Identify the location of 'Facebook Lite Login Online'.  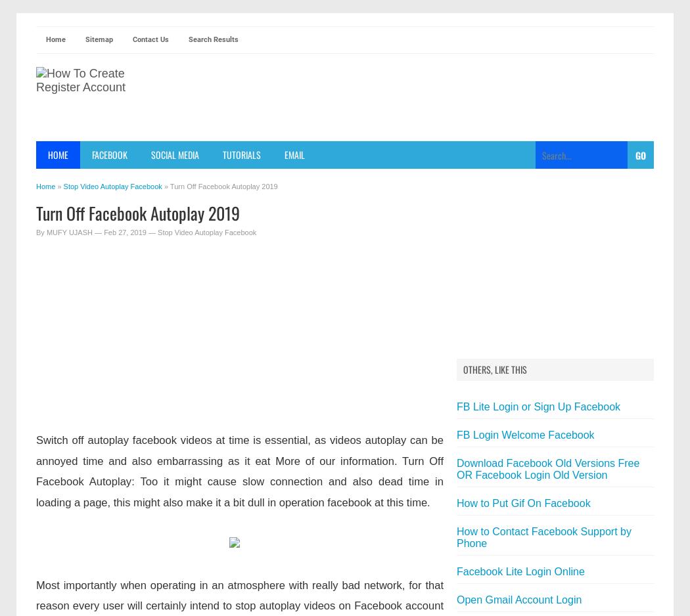
(520, 571).